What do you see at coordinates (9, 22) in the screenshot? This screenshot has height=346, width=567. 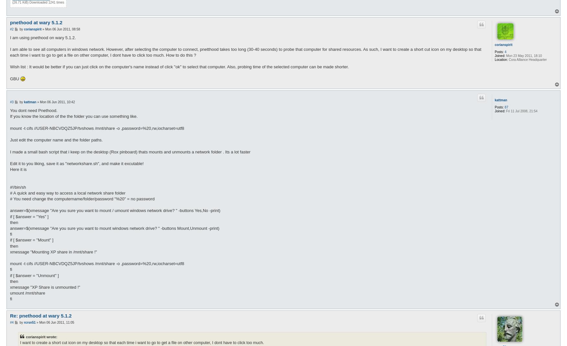 I see `'pnethood at wary 5.1.2'` at bounding box center [9, 22].